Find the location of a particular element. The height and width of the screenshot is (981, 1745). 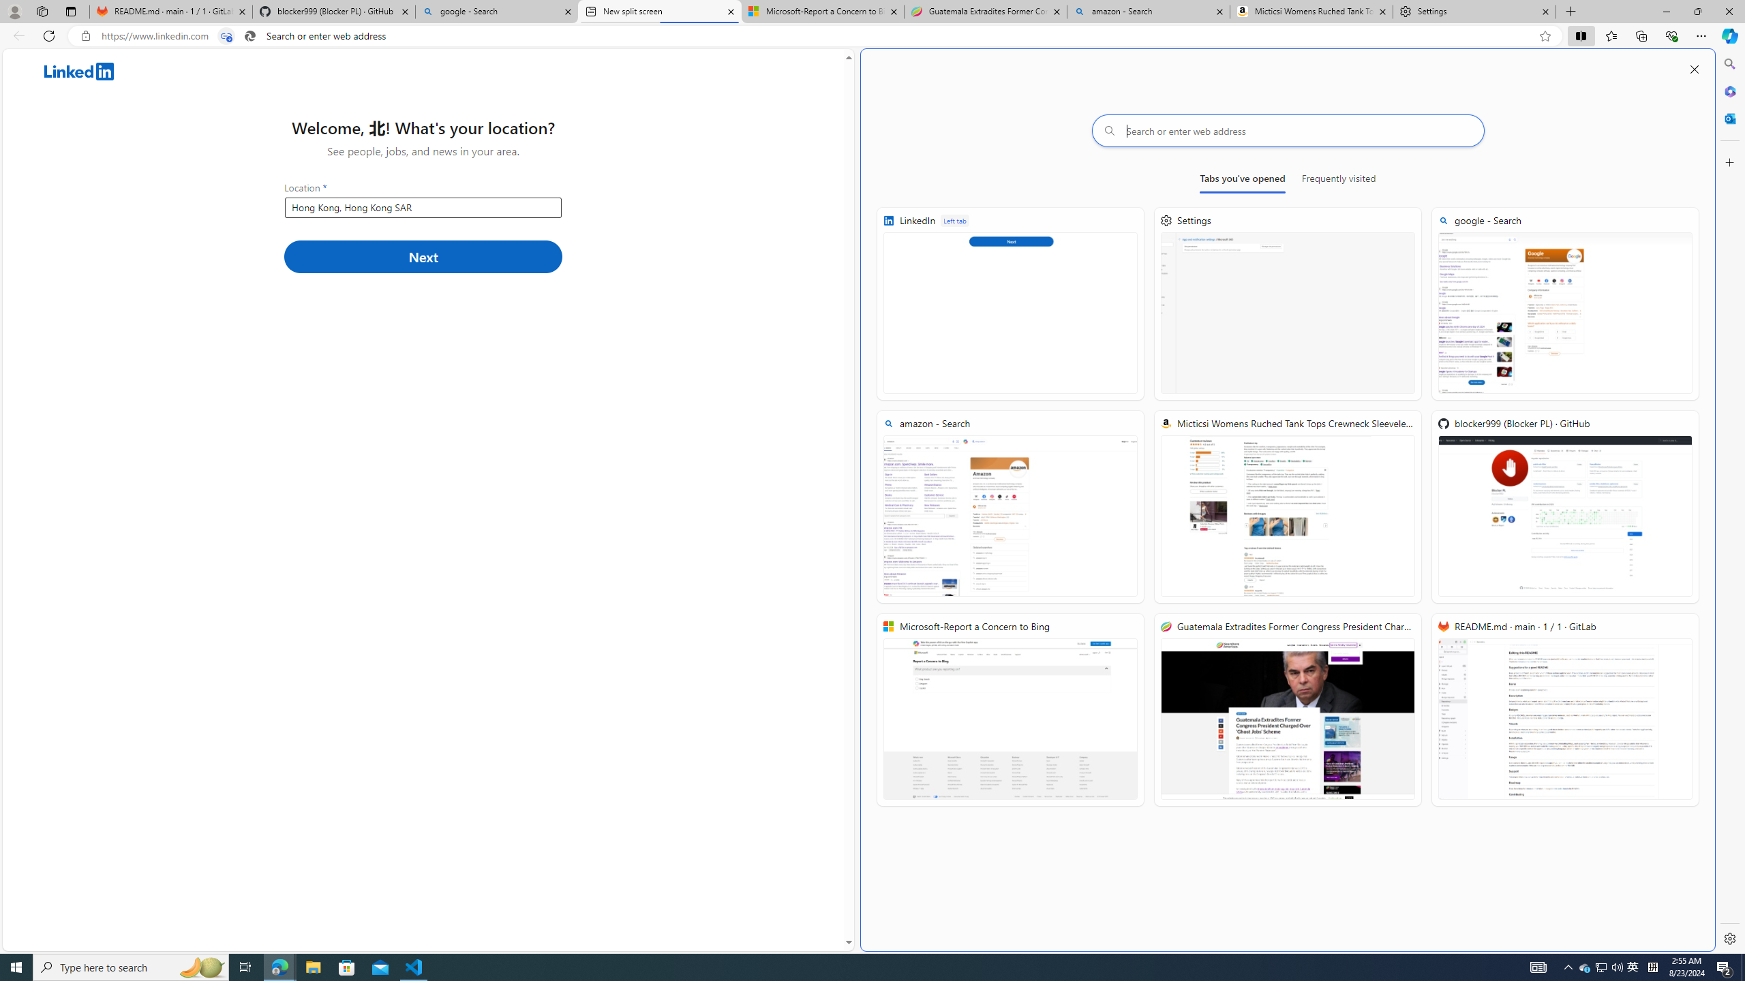

'Microsoft-Report a Concern to Bing' is located at coordinates (1010, 709).